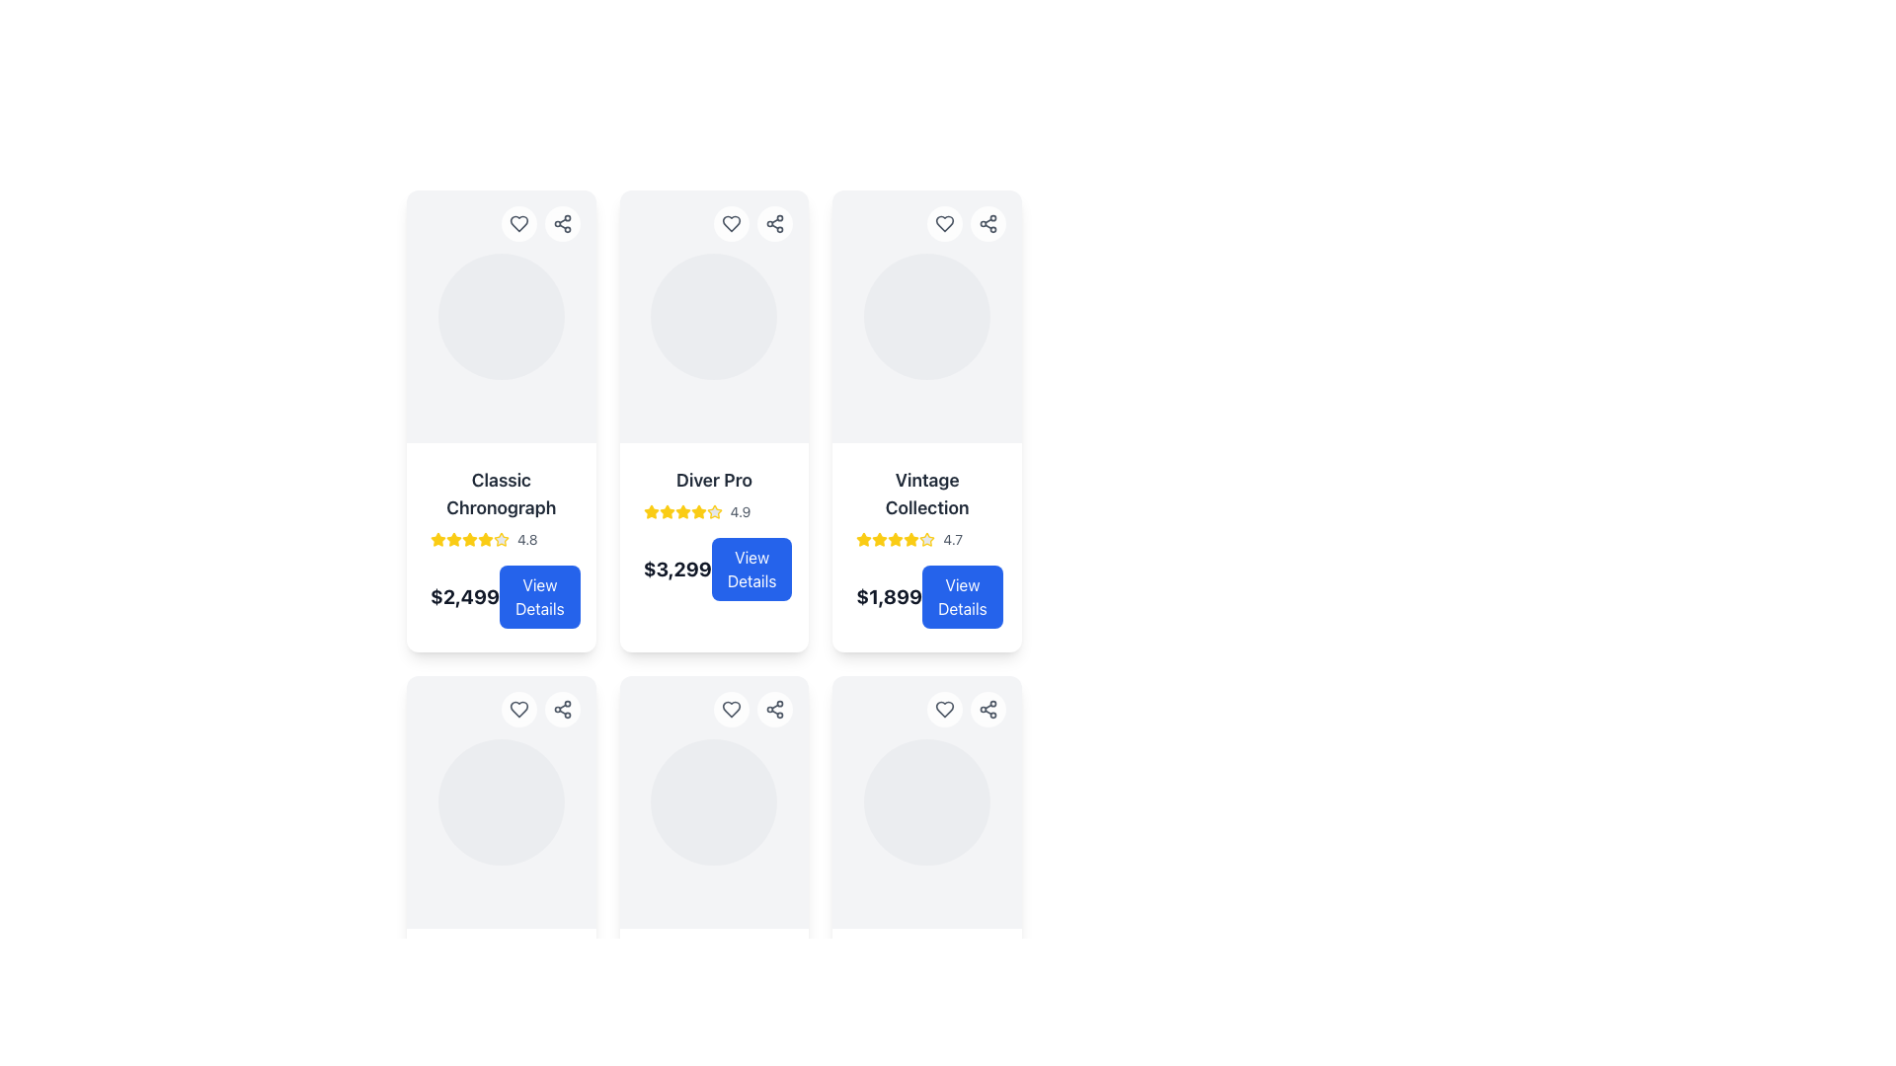 Image resolution: width=1896 pixels, height=1066 pixels. I want to click on the price tag '$2,499' located in the bottom section of the 'Classic Chronograph' card, directly beneath the rating and centrally aligned within the card's layout, so click(501, 596).